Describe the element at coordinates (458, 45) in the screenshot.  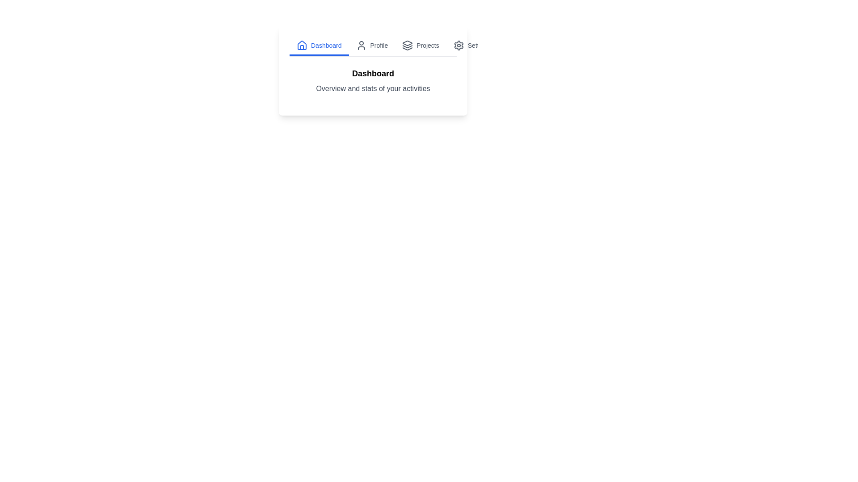
I see `the icon of the Settings tab` at that location.